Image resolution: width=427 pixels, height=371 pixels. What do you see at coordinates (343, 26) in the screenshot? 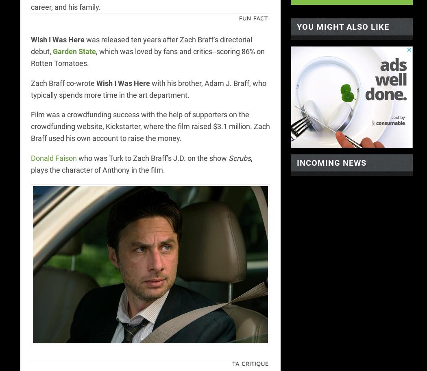
I see `'You Might Also Like'` at bounding box center [343, 26].